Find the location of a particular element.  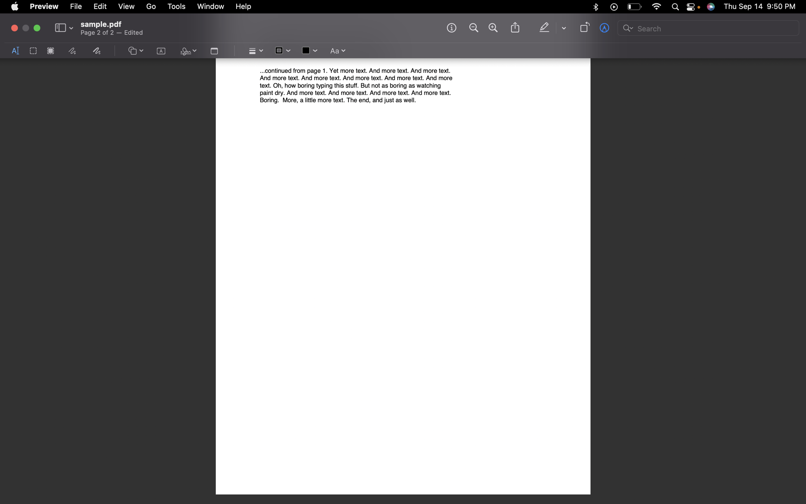

the signature pannel is located at coordinates (187, 51).